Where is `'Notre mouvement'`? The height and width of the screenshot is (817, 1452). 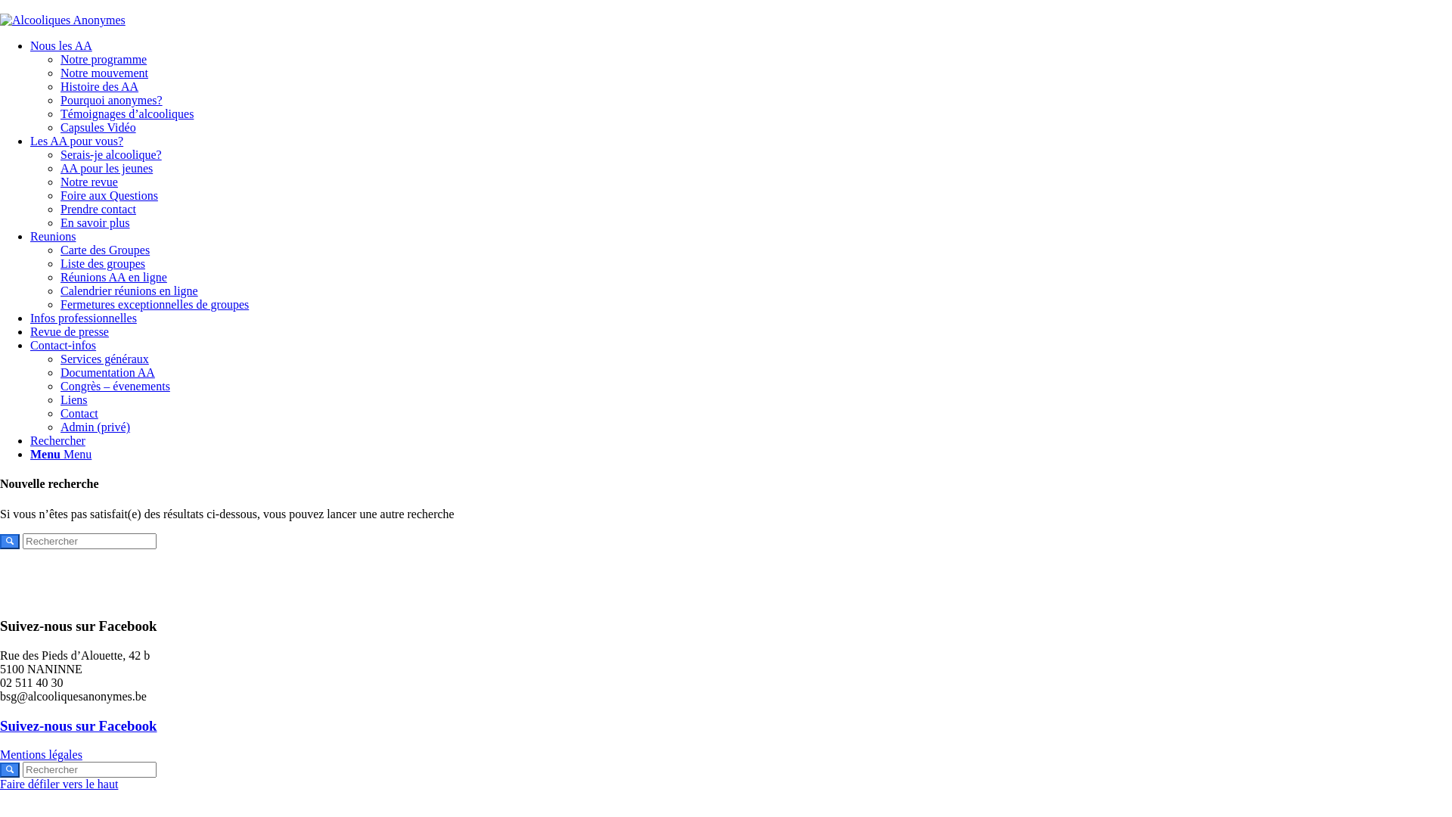 'Notre mouvement' is located at coordinates (104, 73).